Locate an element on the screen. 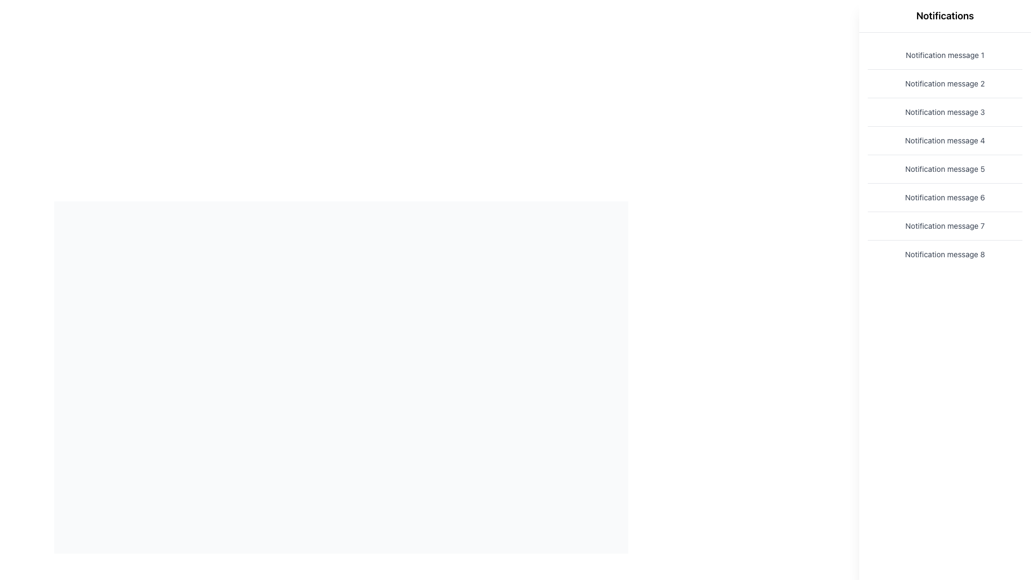 Image resolution: width=1031 pixels, height=580 pixels. the seventh notification message in the vertical list located on the right side of the interface, positioned beneath 'Notification message 6' and above 'Notification message 8' is located at coordinates (945, 225).